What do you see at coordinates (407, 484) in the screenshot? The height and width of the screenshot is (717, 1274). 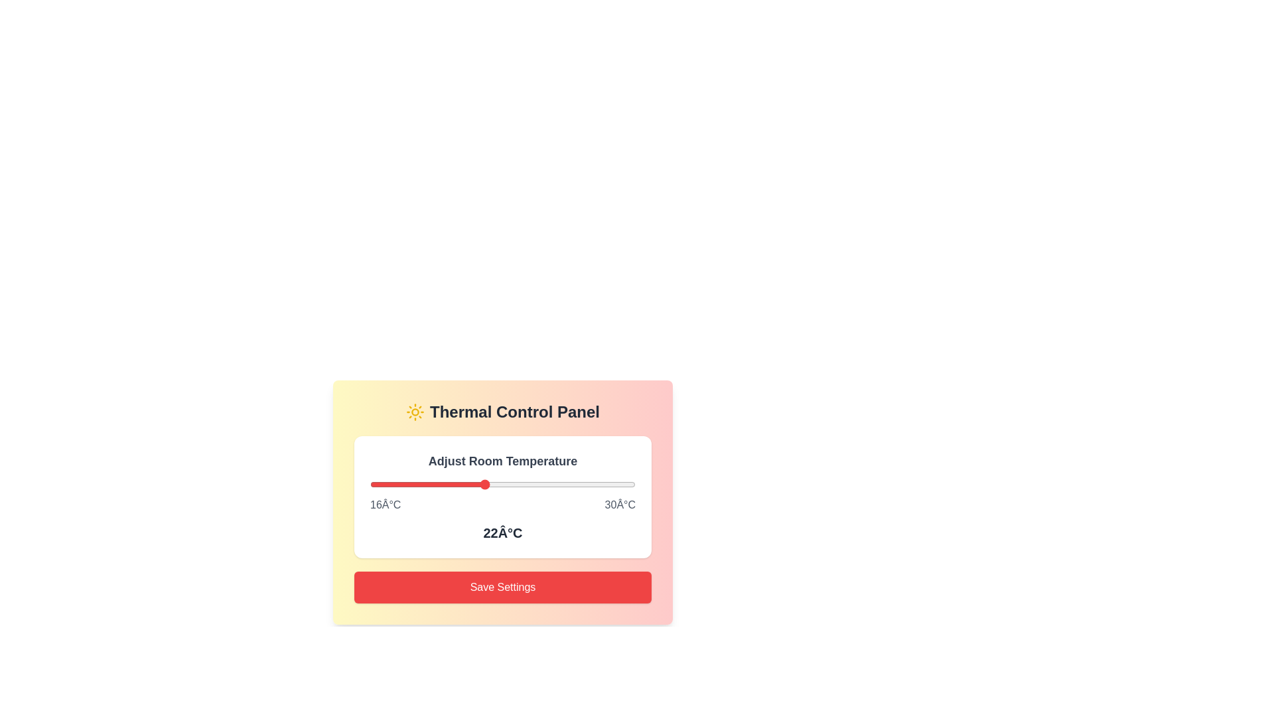 I see `the temperature slider to 18°C` at bounding box center [407, 484].